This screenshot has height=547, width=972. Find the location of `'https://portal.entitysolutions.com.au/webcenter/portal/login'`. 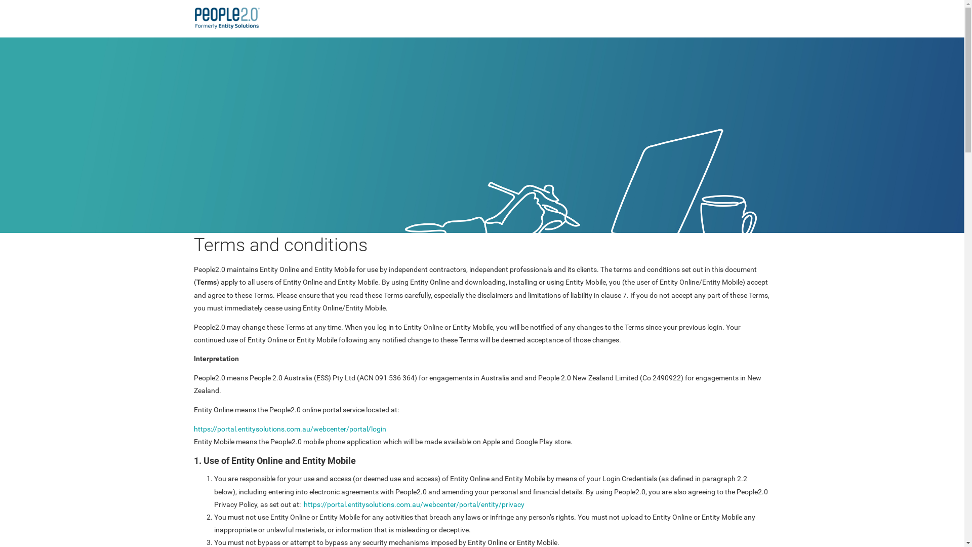

'https://portal.entitysolutions.com.au/webcenter/portal/login' is located at coordinates (289, 429).